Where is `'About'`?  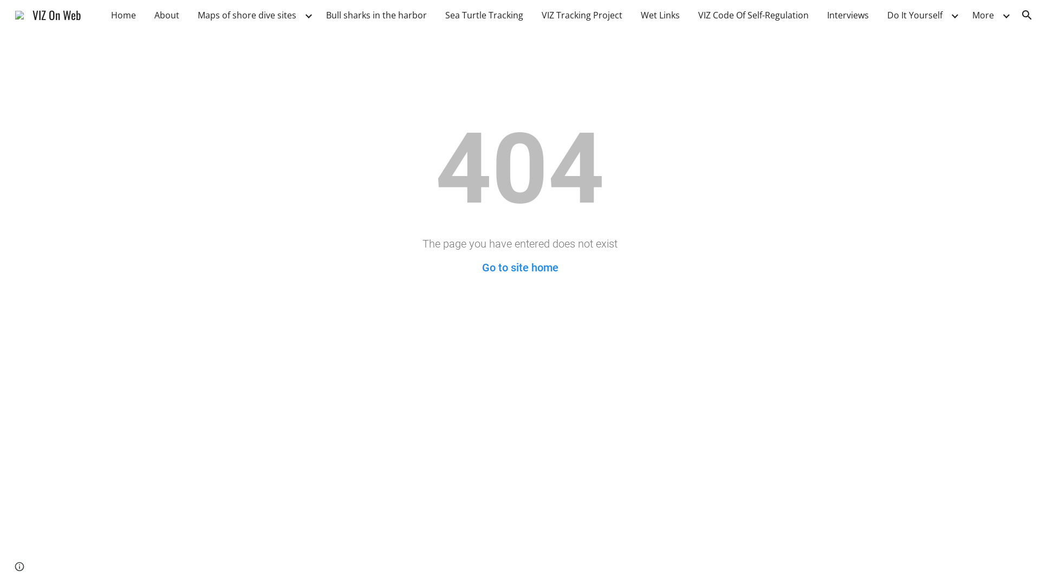 'About' is located at coordinates (166, 15).